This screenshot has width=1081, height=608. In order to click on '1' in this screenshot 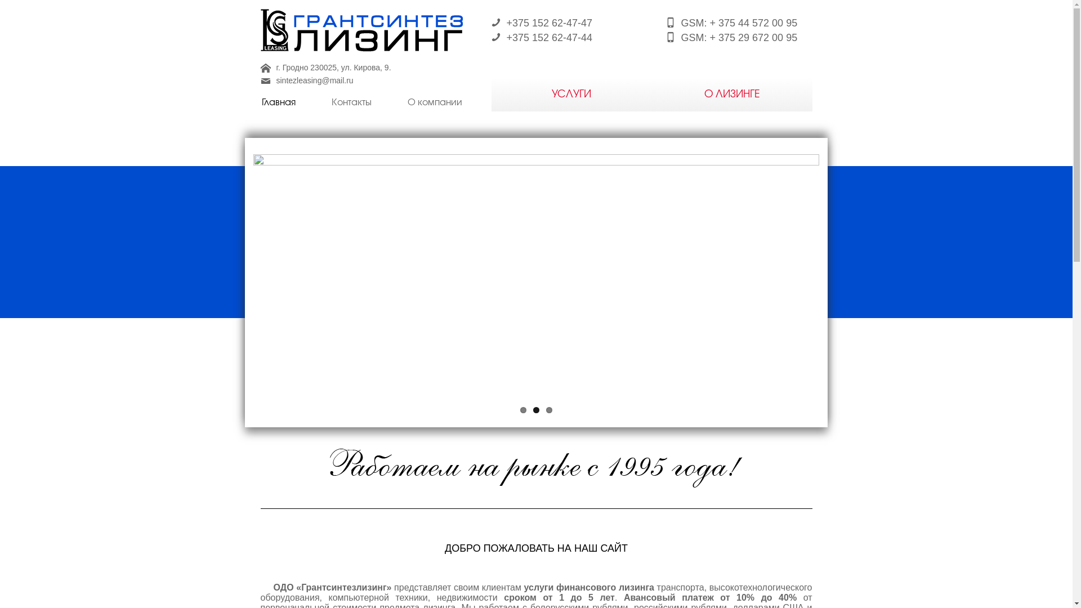, I will do `click(520, 410)`.